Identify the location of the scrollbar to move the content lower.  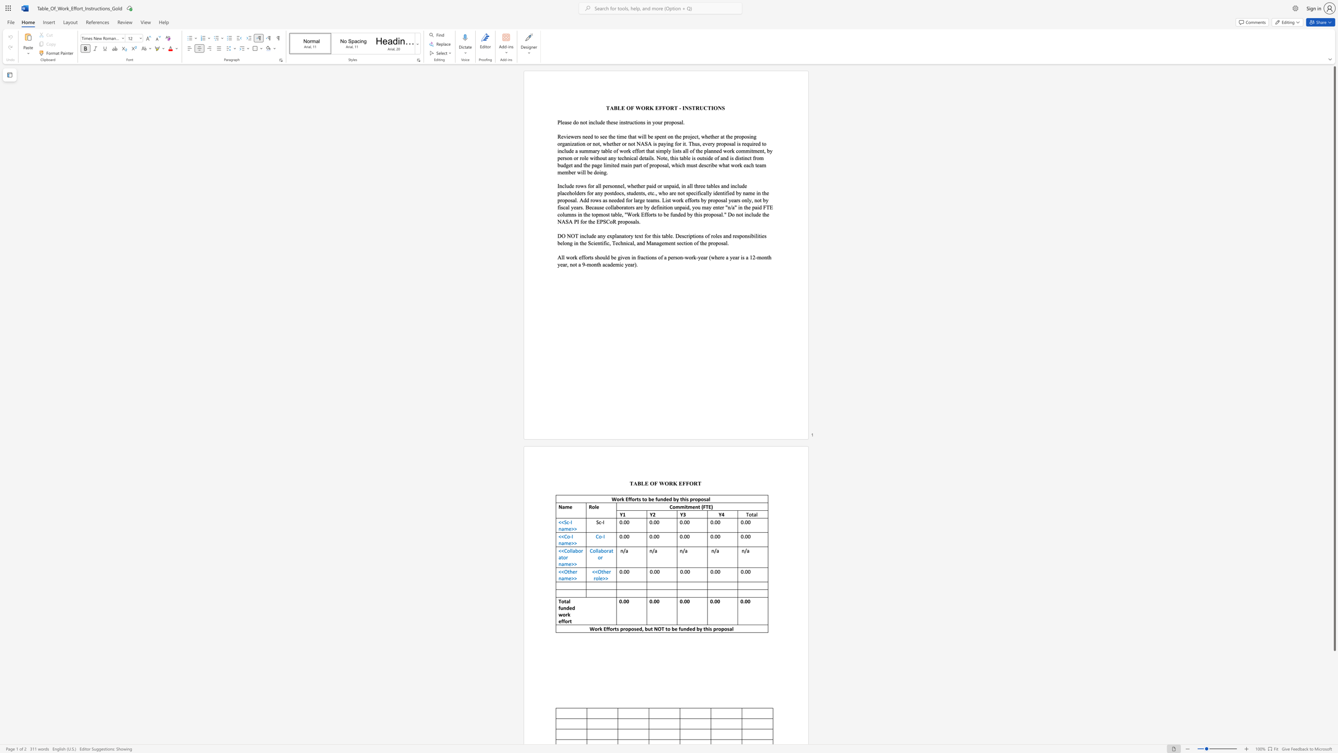
(1334, 701).